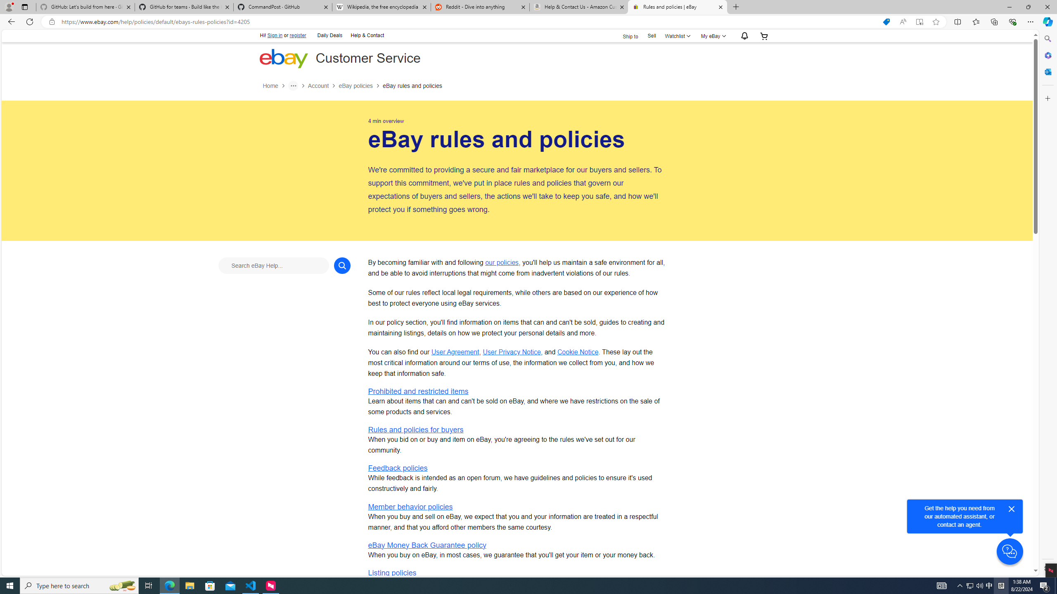 The height and width of the screenshot is (594, 1057). Describe the element at coordinates (625, 35) in the screenshot. I see `'Ship to'` at that location.